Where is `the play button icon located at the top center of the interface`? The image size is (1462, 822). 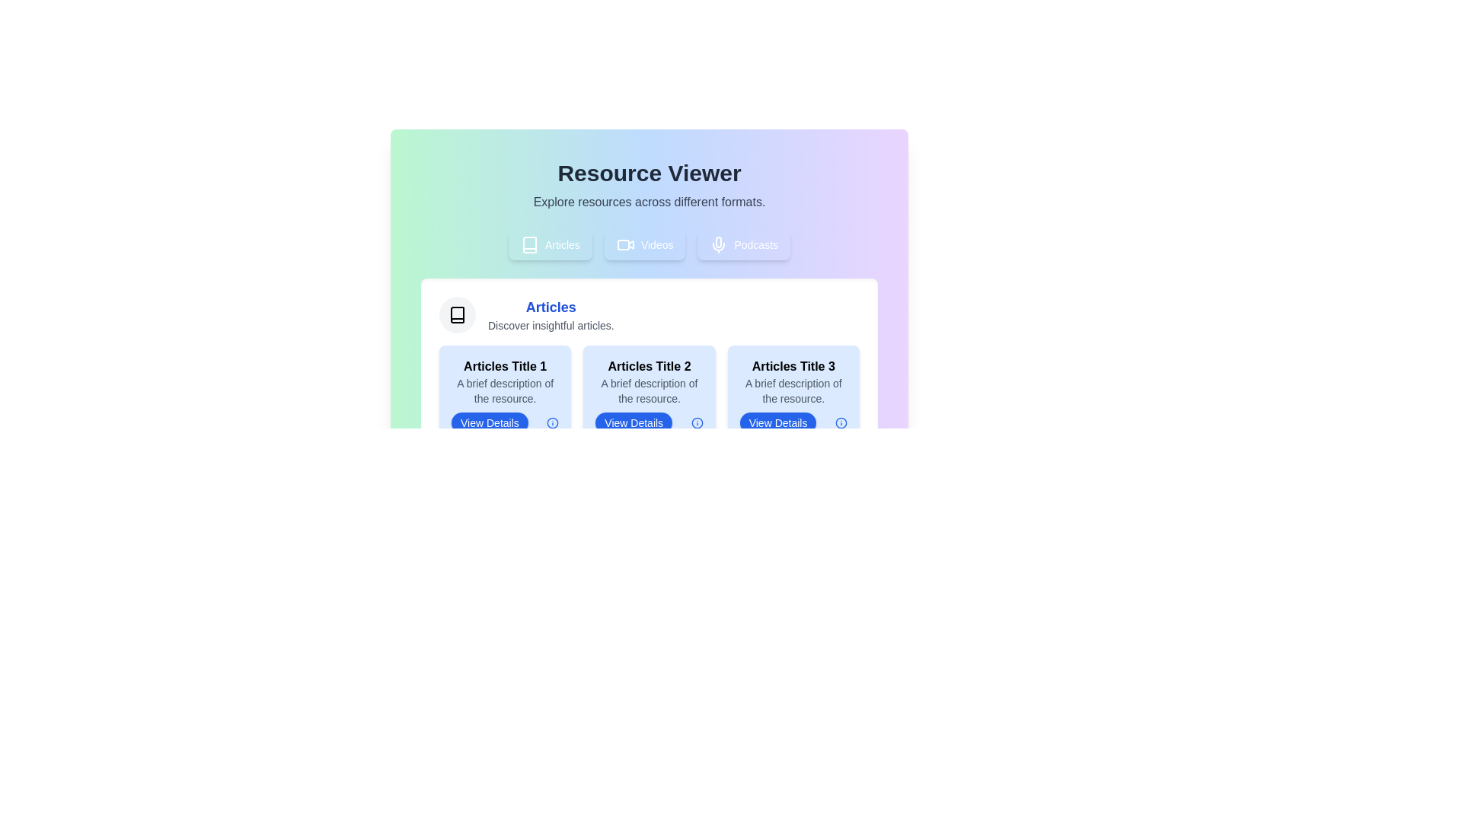 the play button icon located at the top center of the interface is located at coordinates (630, 244).